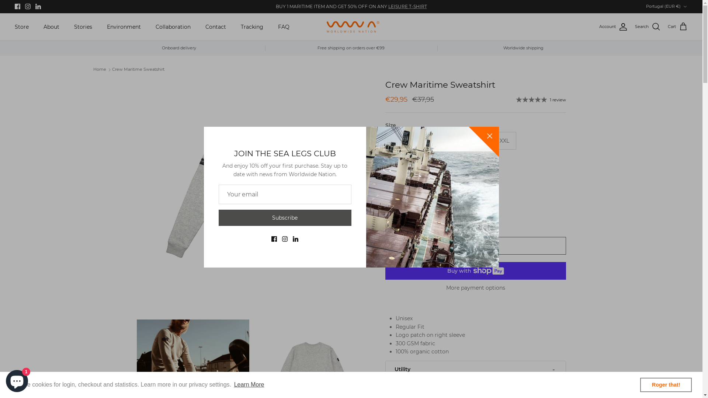 The width and height of the screenshot is (708, 398). What do you see at coordinates (515, 99) in the screenshot?
I see `'1 review'` at bounding box center [515, 99].